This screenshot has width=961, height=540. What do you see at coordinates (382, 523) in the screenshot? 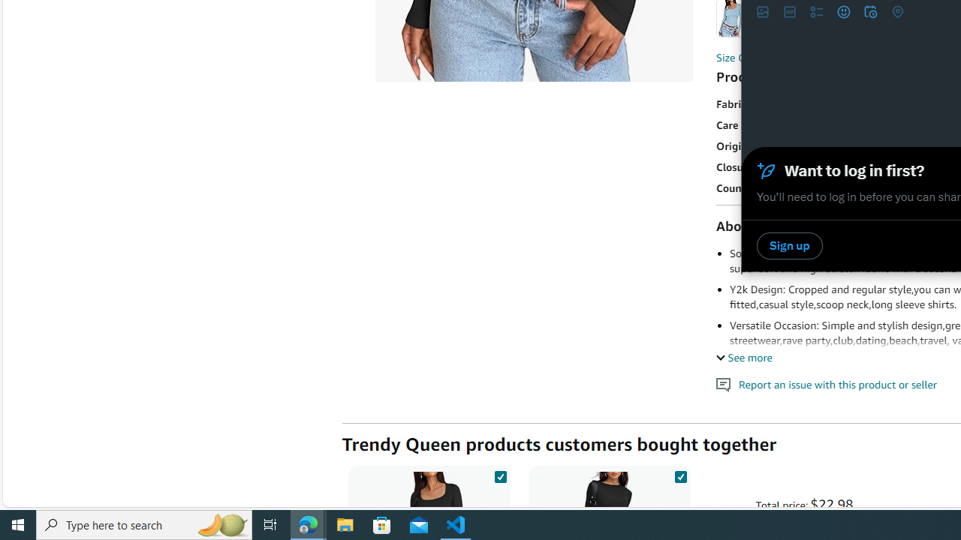
I see `'Microsoft Store'` at bounding box center [382, 523].